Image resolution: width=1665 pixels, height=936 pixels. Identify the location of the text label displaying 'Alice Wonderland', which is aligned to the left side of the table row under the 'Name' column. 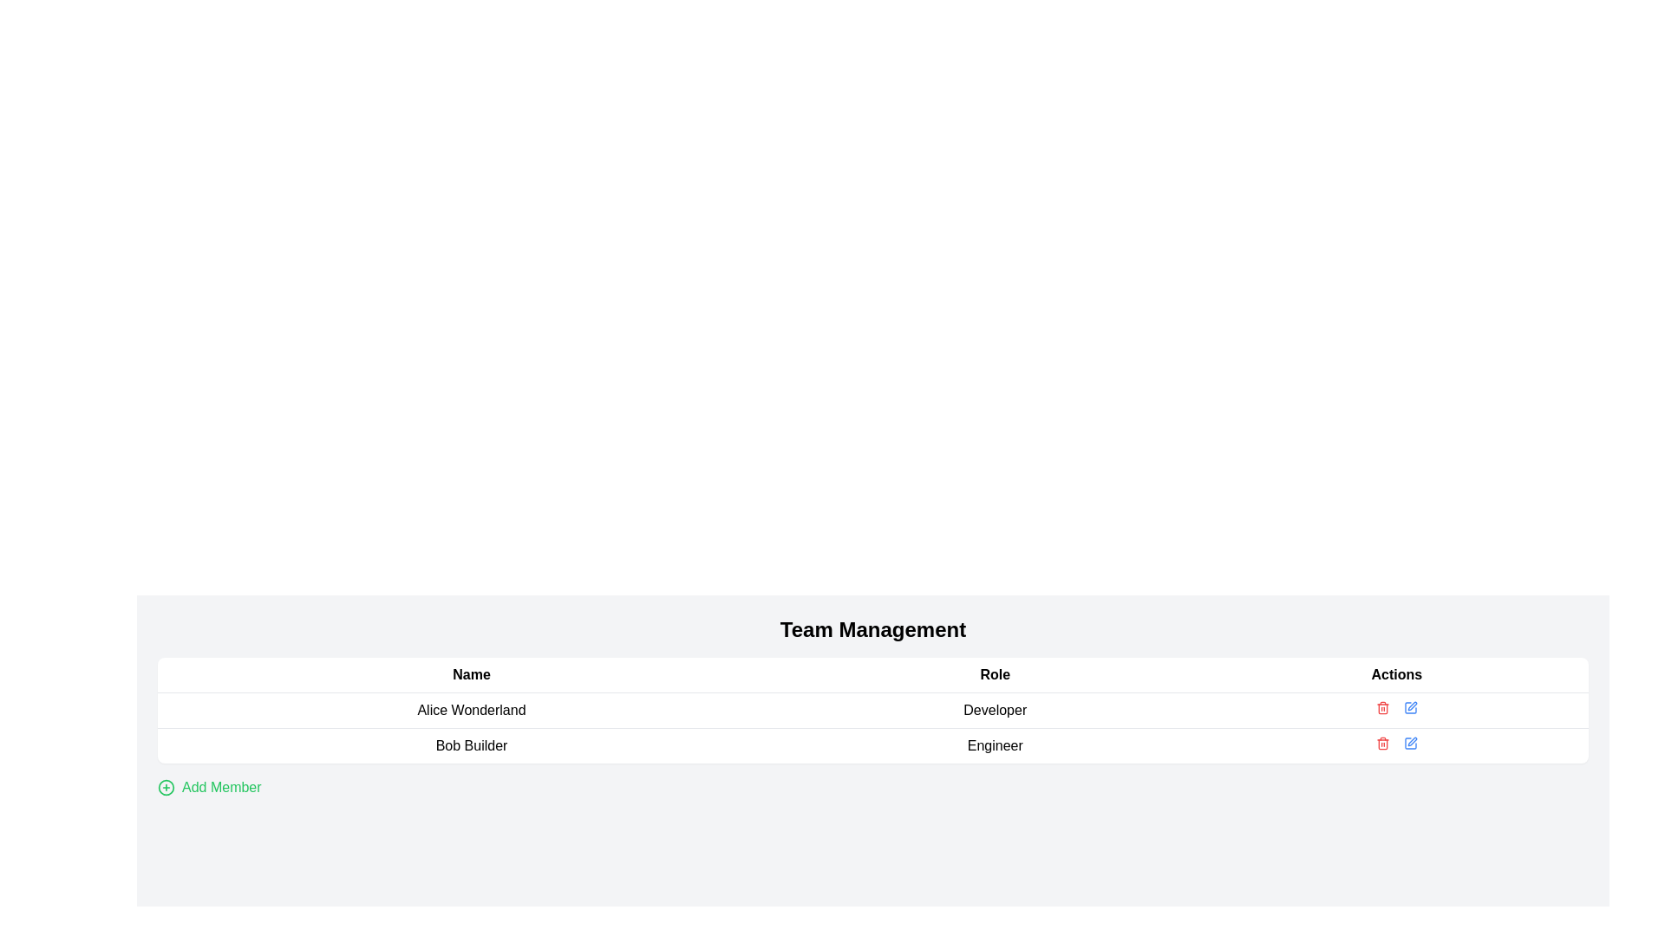
(471, 711).